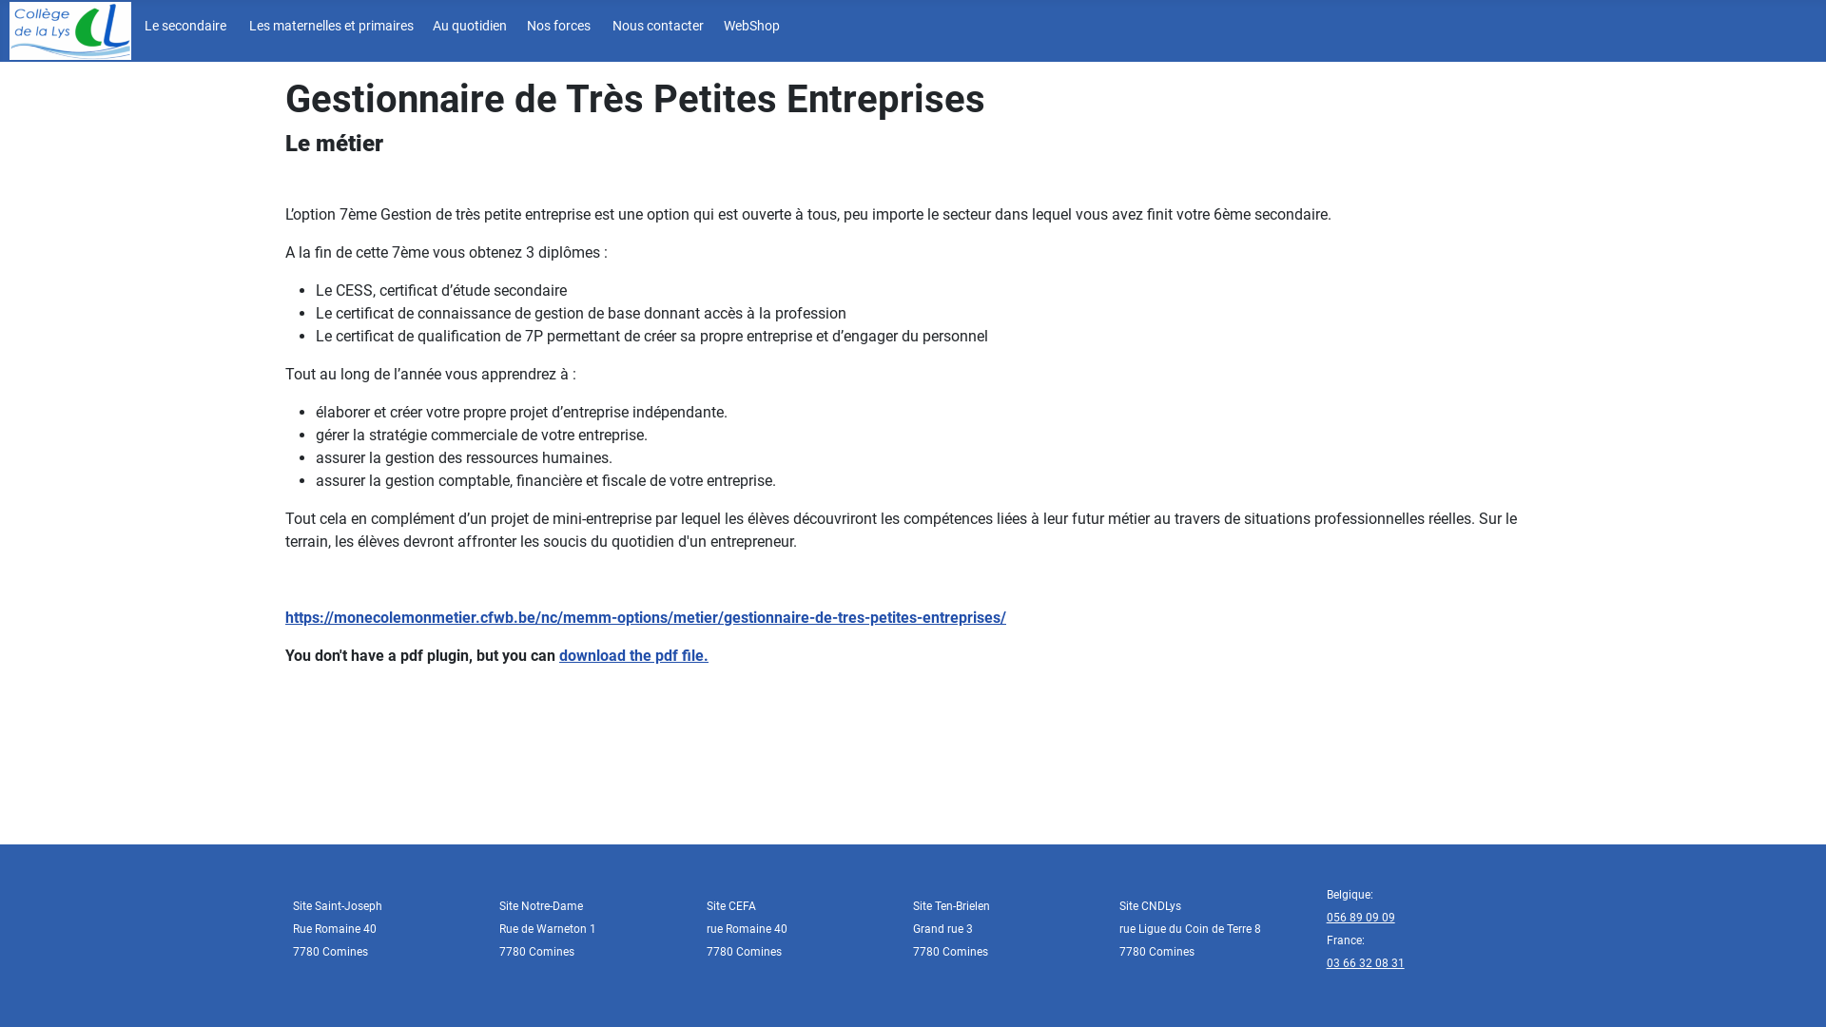 The image size is (1826, 1027). Describe the element at coordinates (141, 29) in the screenshot. I see `'Le secondaire'` at that location.